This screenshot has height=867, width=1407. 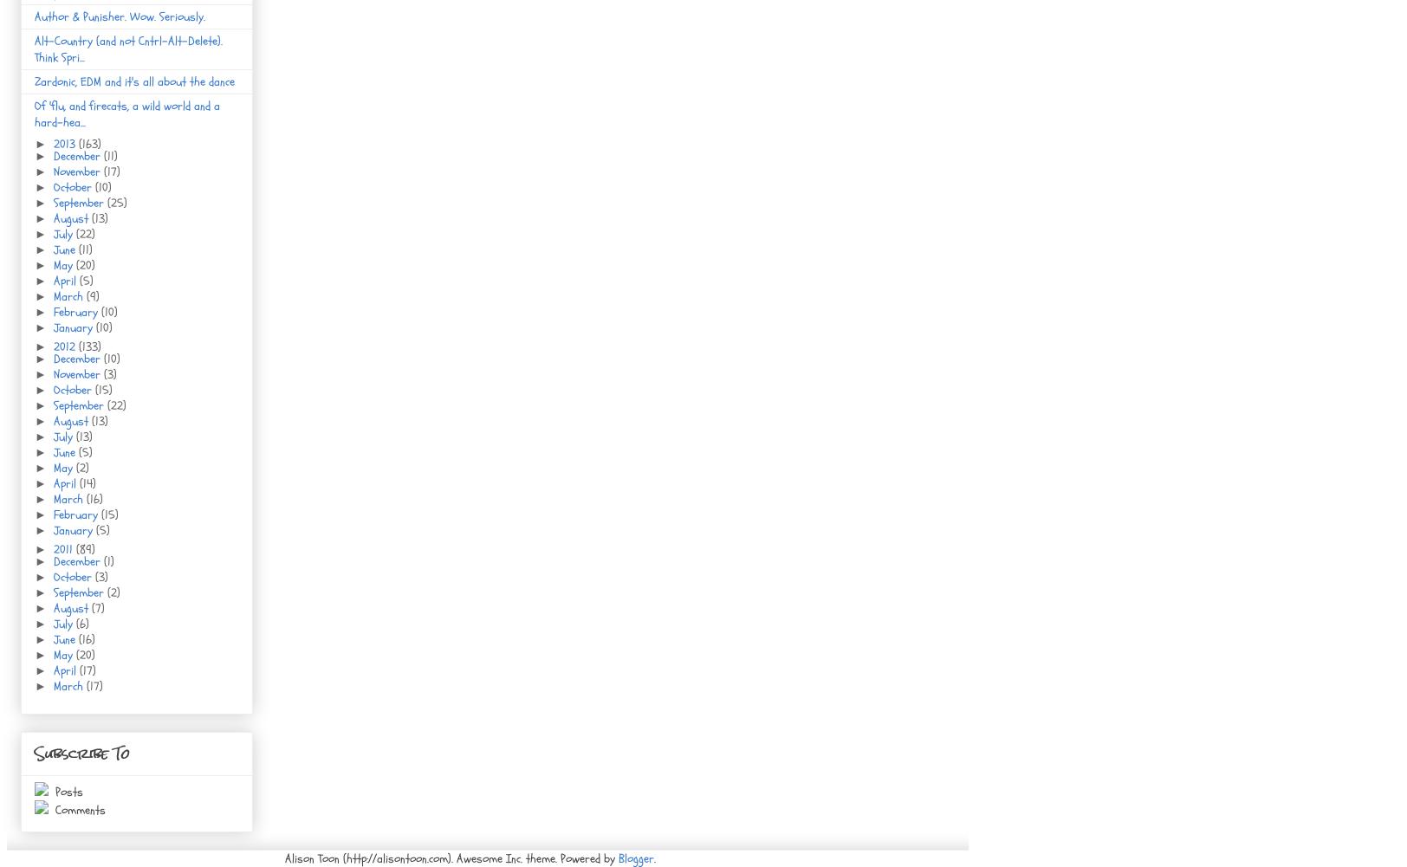 What do you see at coordinates (108, 560) in the screenshot?
I see `'(1)'` at bounding box center [108, 560].